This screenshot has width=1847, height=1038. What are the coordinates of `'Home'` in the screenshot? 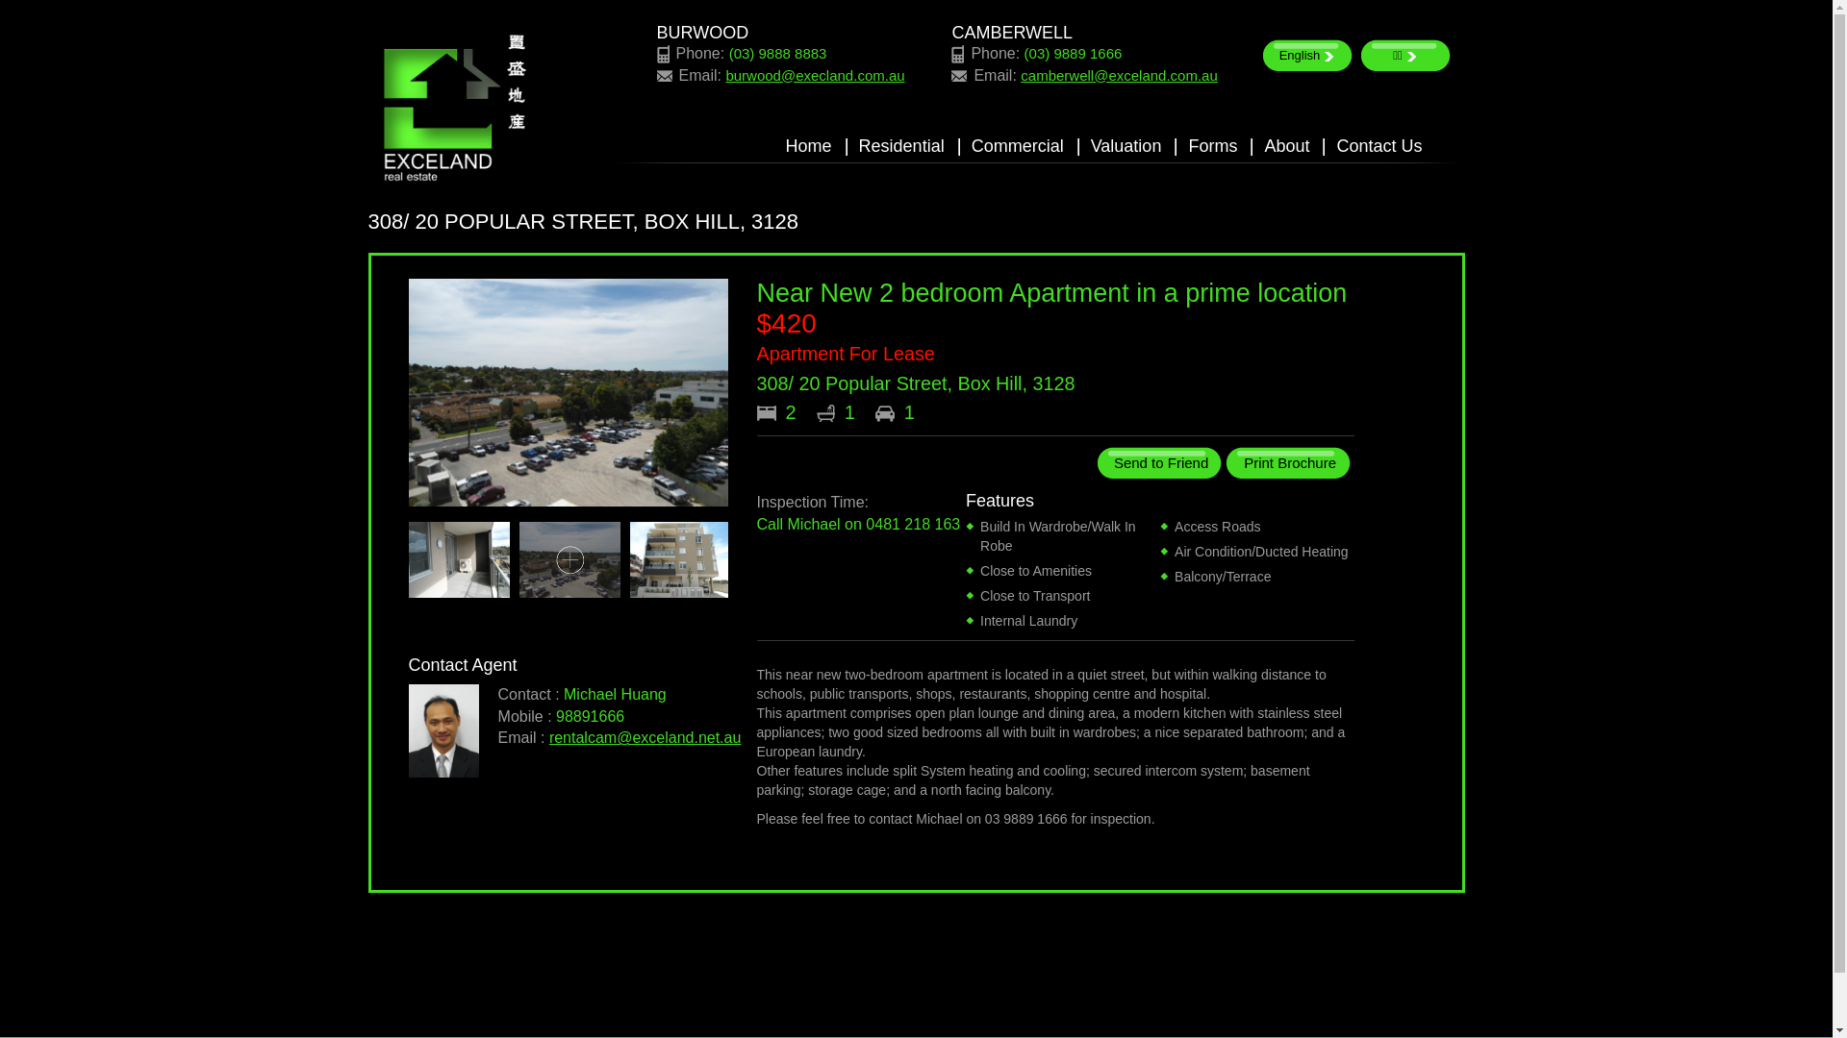 It's located at (808, 146).